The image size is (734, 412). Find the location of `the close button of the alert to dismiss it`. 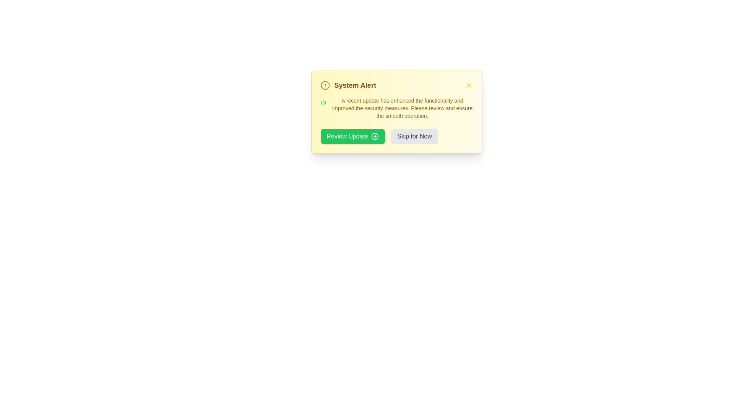

the close button of the alert to dismiss it is located at coordinates (468, 85).